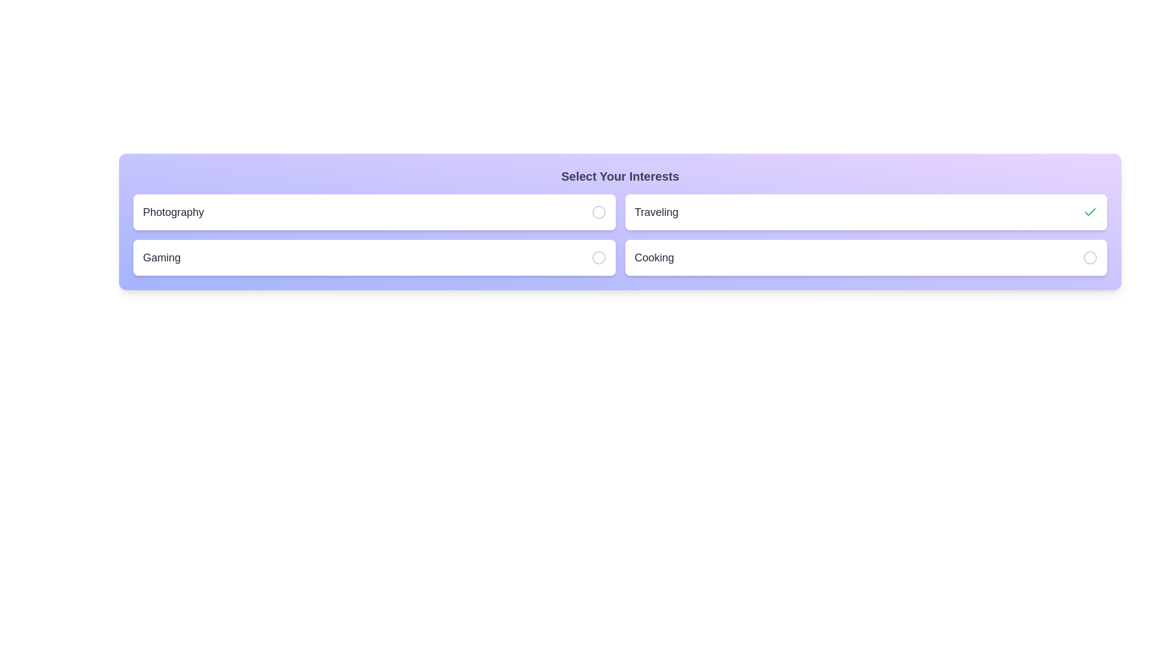 Image resolution: width=1149 pixels, height=646 pixels. What do you see at coordinates (373, 211) in the screenshot?
I see `the interest item Photography` at bounding box center [373, 211].